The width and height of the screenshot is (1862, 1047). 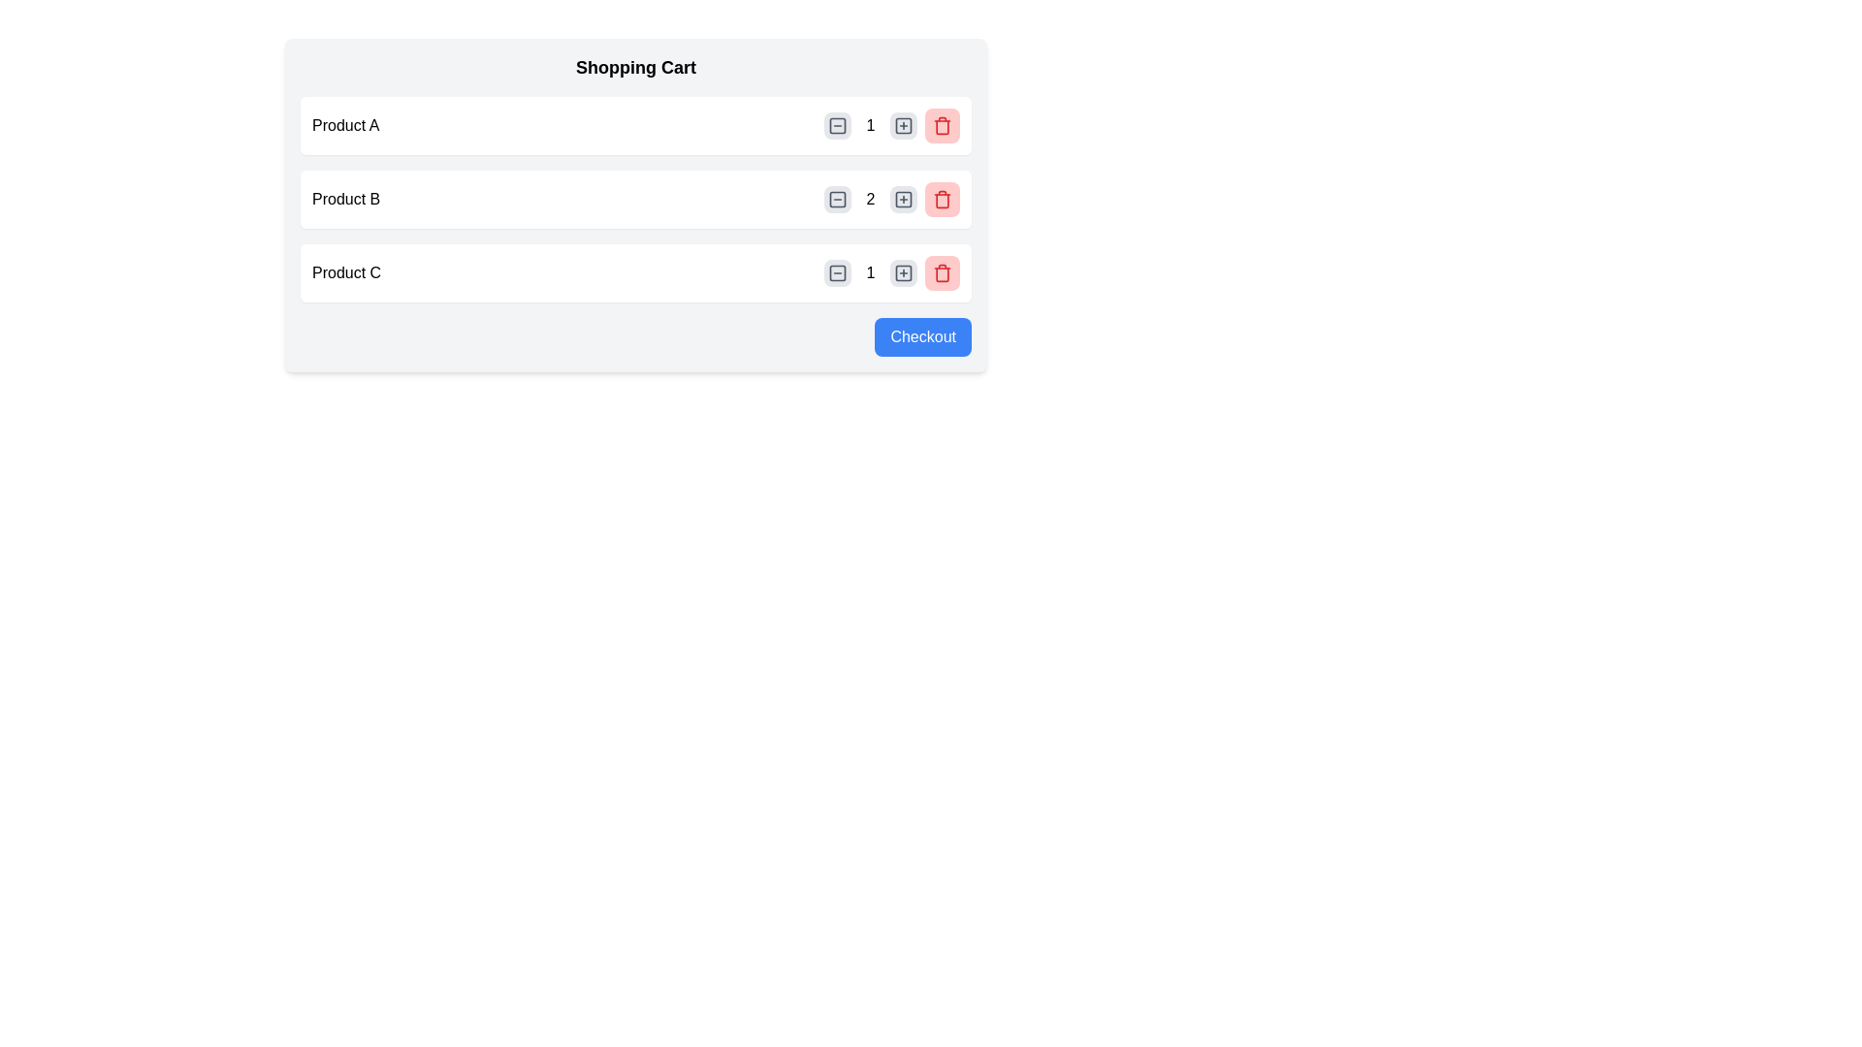 What do you see at coordinates (636, 199) in the screenshot?
I see `the 'Product B' entry in the shopping cart` at bounding box center [636, 199].